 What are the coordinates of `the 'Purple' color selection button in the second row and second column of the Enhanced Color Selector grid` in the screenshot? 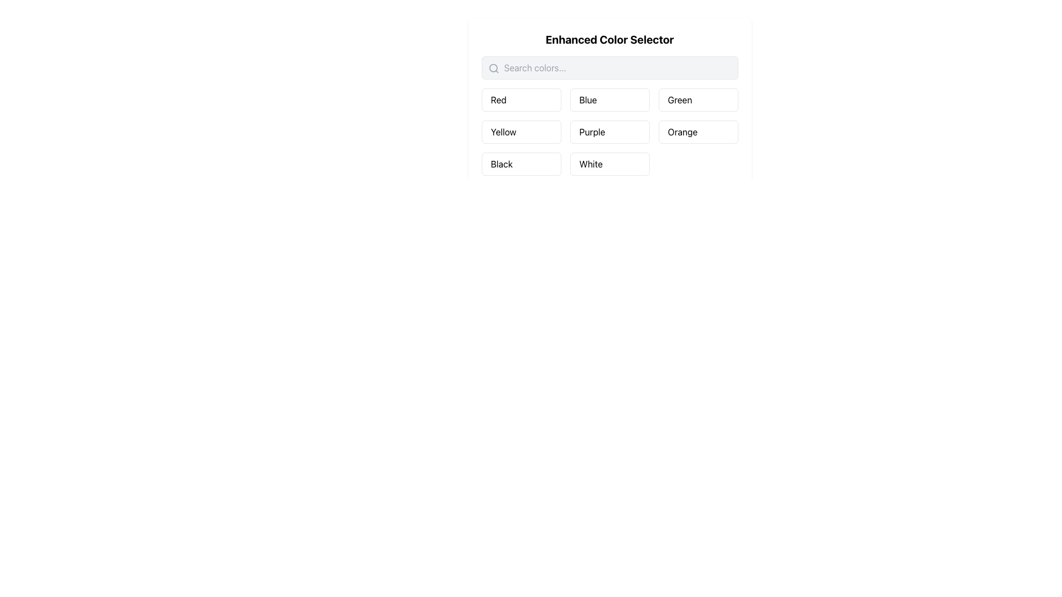 It's located at (591, 132).